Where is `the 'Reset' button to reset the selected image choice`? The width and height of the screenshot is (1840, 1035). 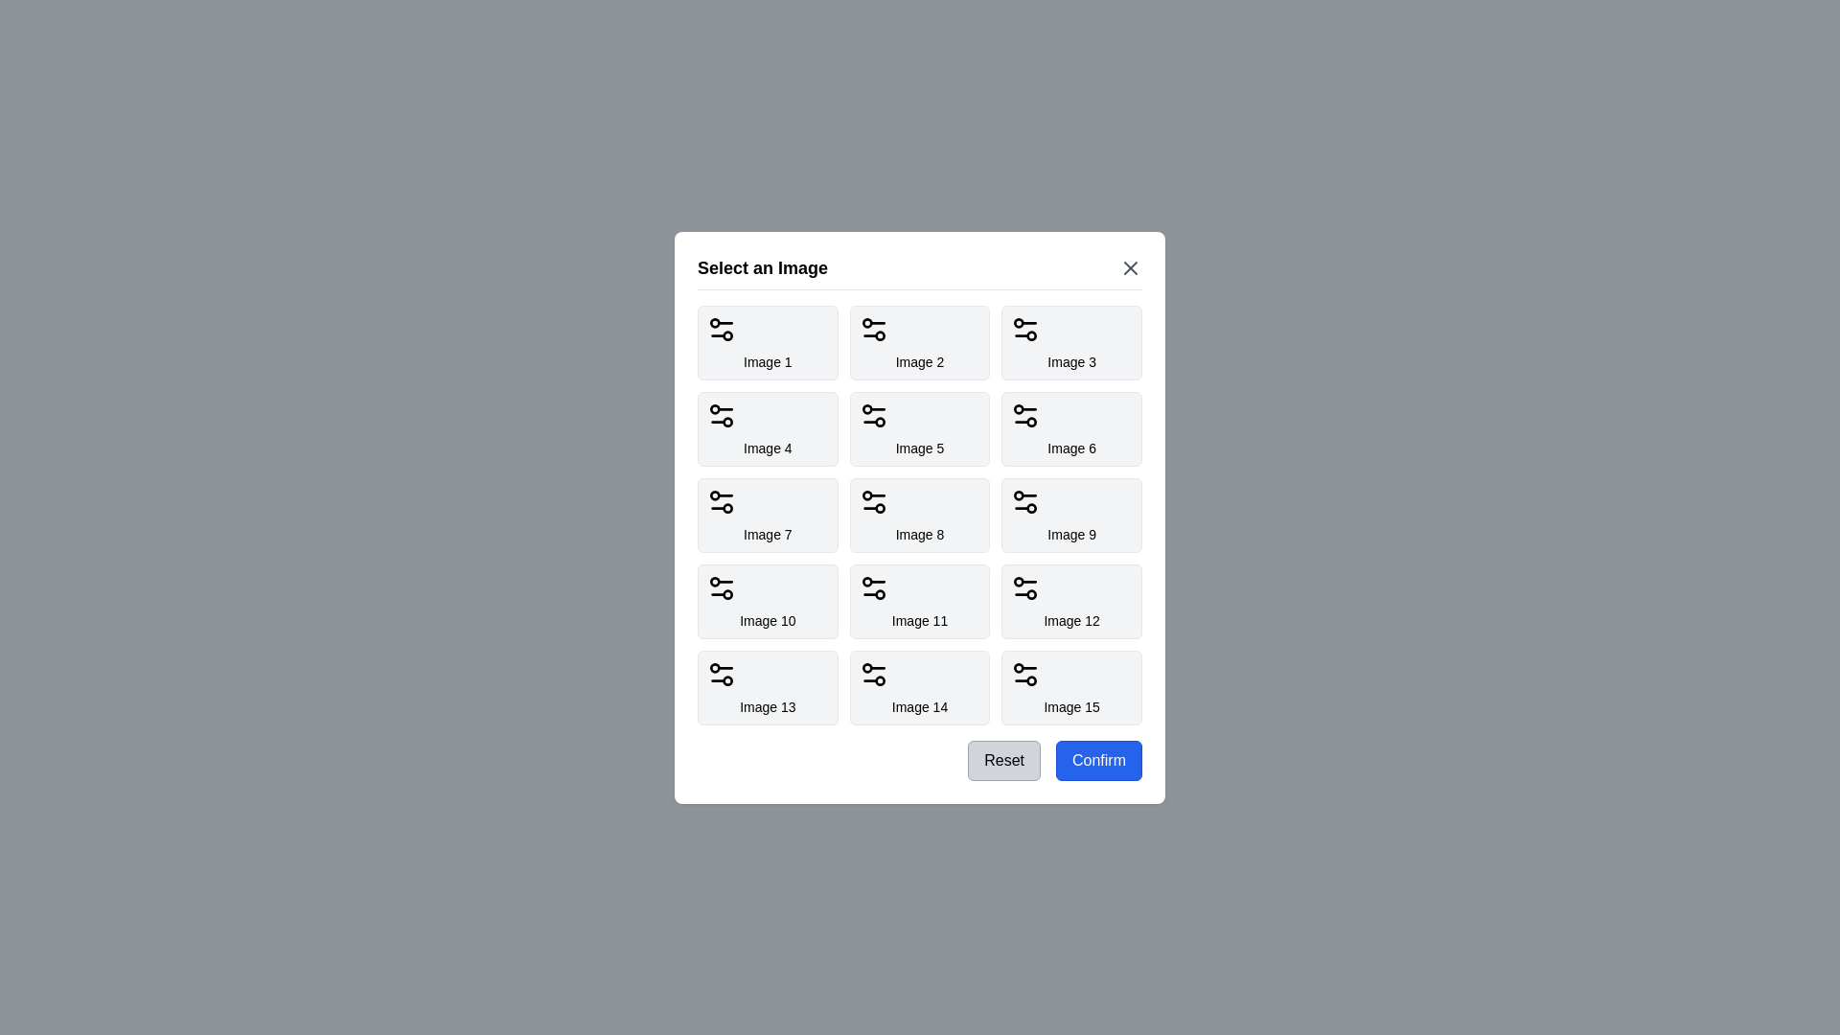
the 'Reset' button to reset the selected image choice is located at coordinates (1002, 759).